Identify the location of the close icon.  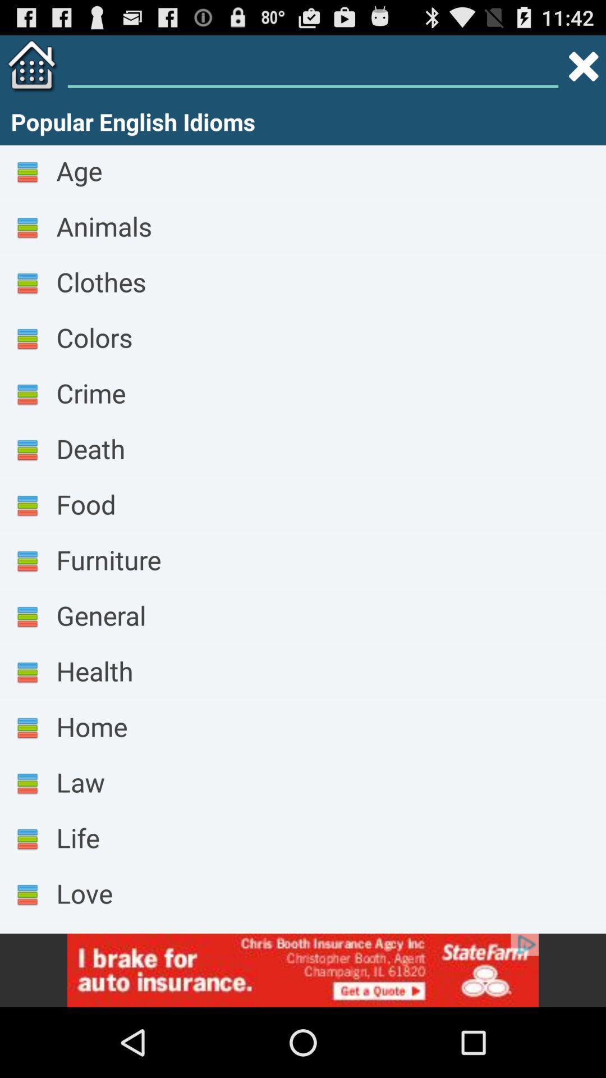
(583, 70).